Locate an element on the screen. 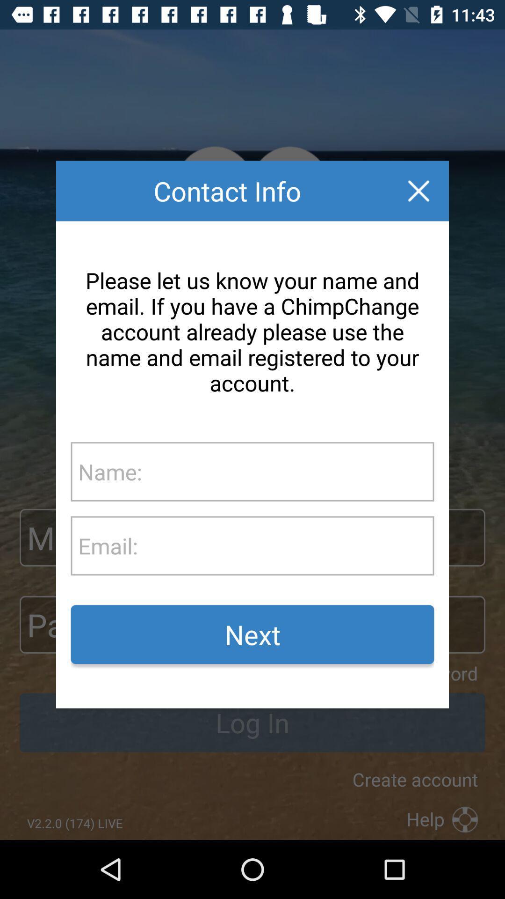 Image resolution: width=505 pixels, height=899 pixels. text box is located at coordinates (285, 545).